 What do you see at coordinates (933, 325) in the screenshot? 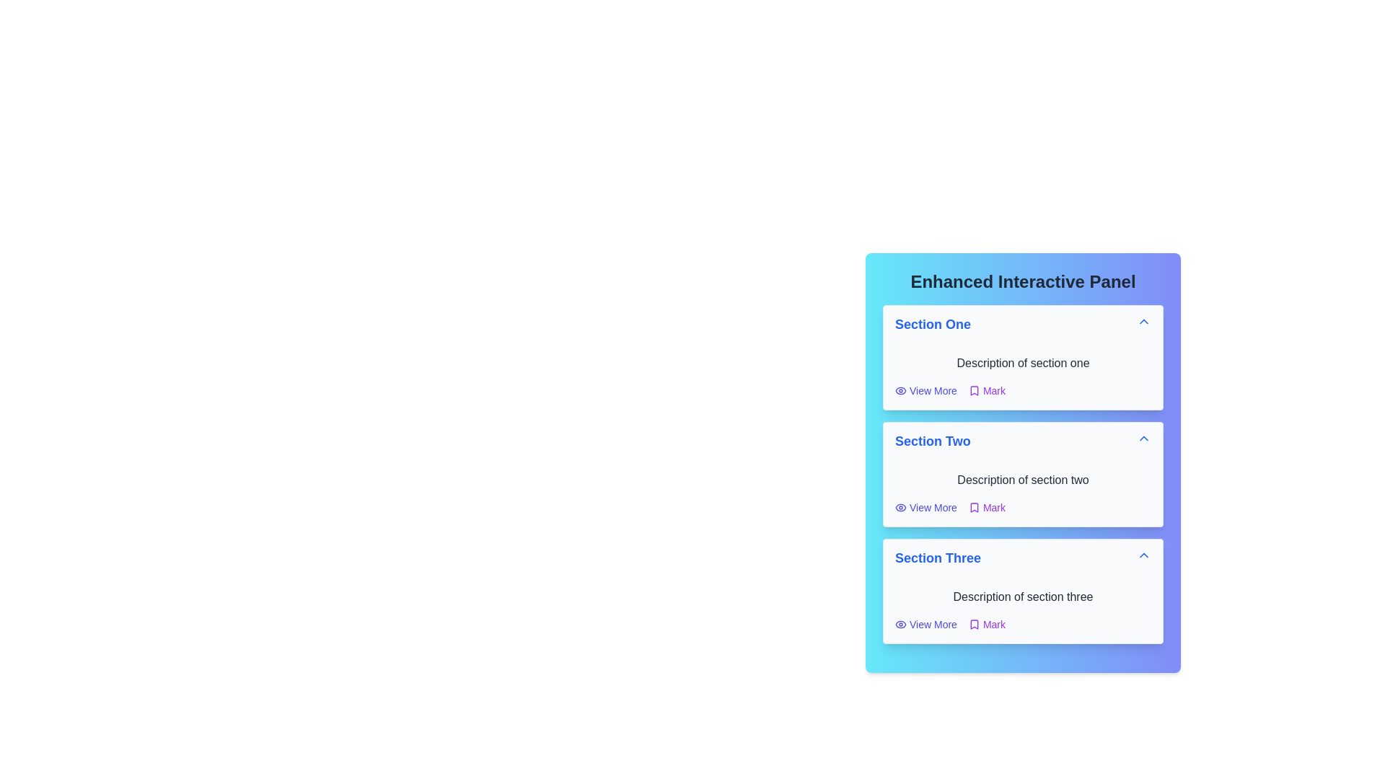
I see `the text label displaying 'Section One' styled in blue at the top of the card layout` at bounding box center [933, 325].